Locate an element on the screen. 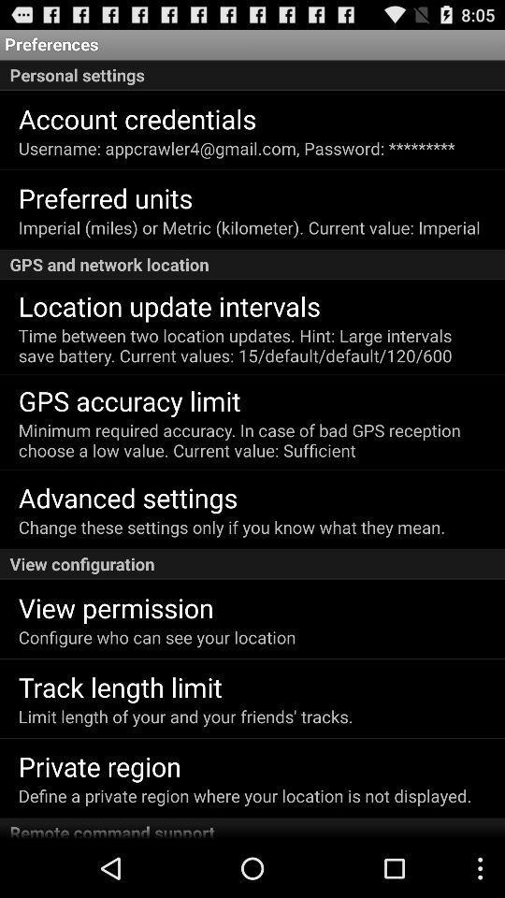  the app below account credentials app is located at coordinates (237, 147).